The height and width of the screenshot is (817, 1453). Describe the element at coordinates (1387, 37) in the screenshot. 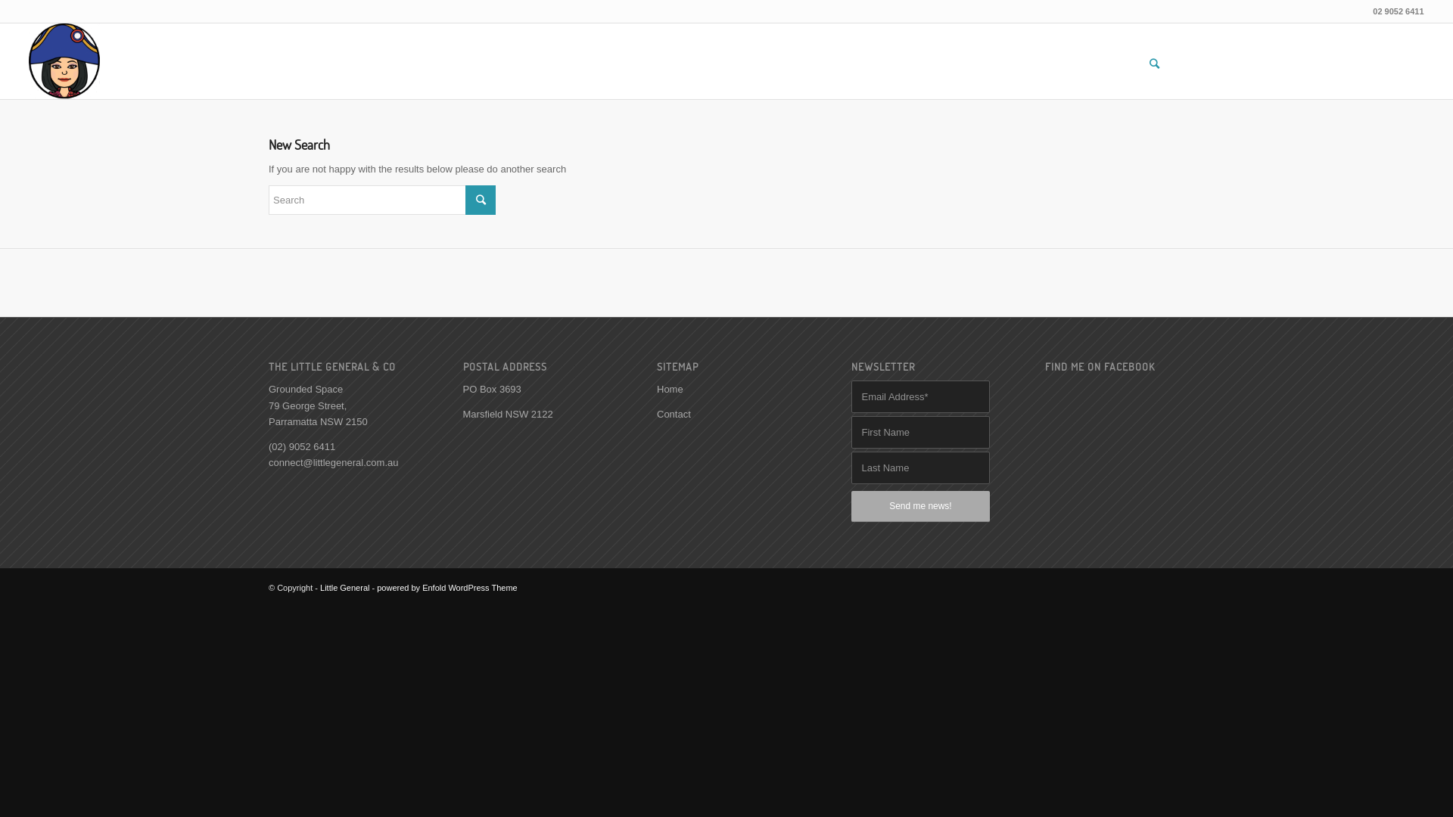

I see `'Blog'` at that location.